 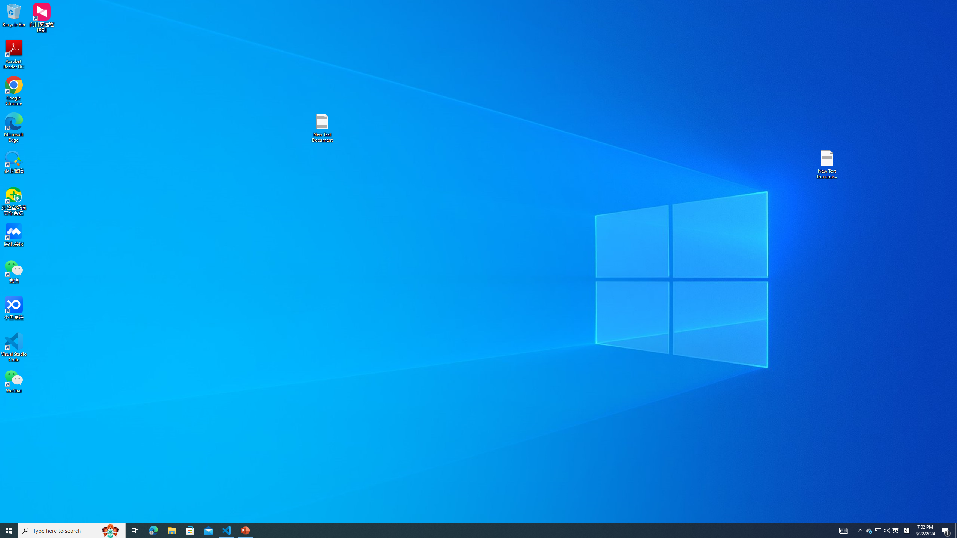 What do you see at coordinates (13, 91) in the screenshot?
I see `'Google Chrome'` at bounding box center [13, 91].